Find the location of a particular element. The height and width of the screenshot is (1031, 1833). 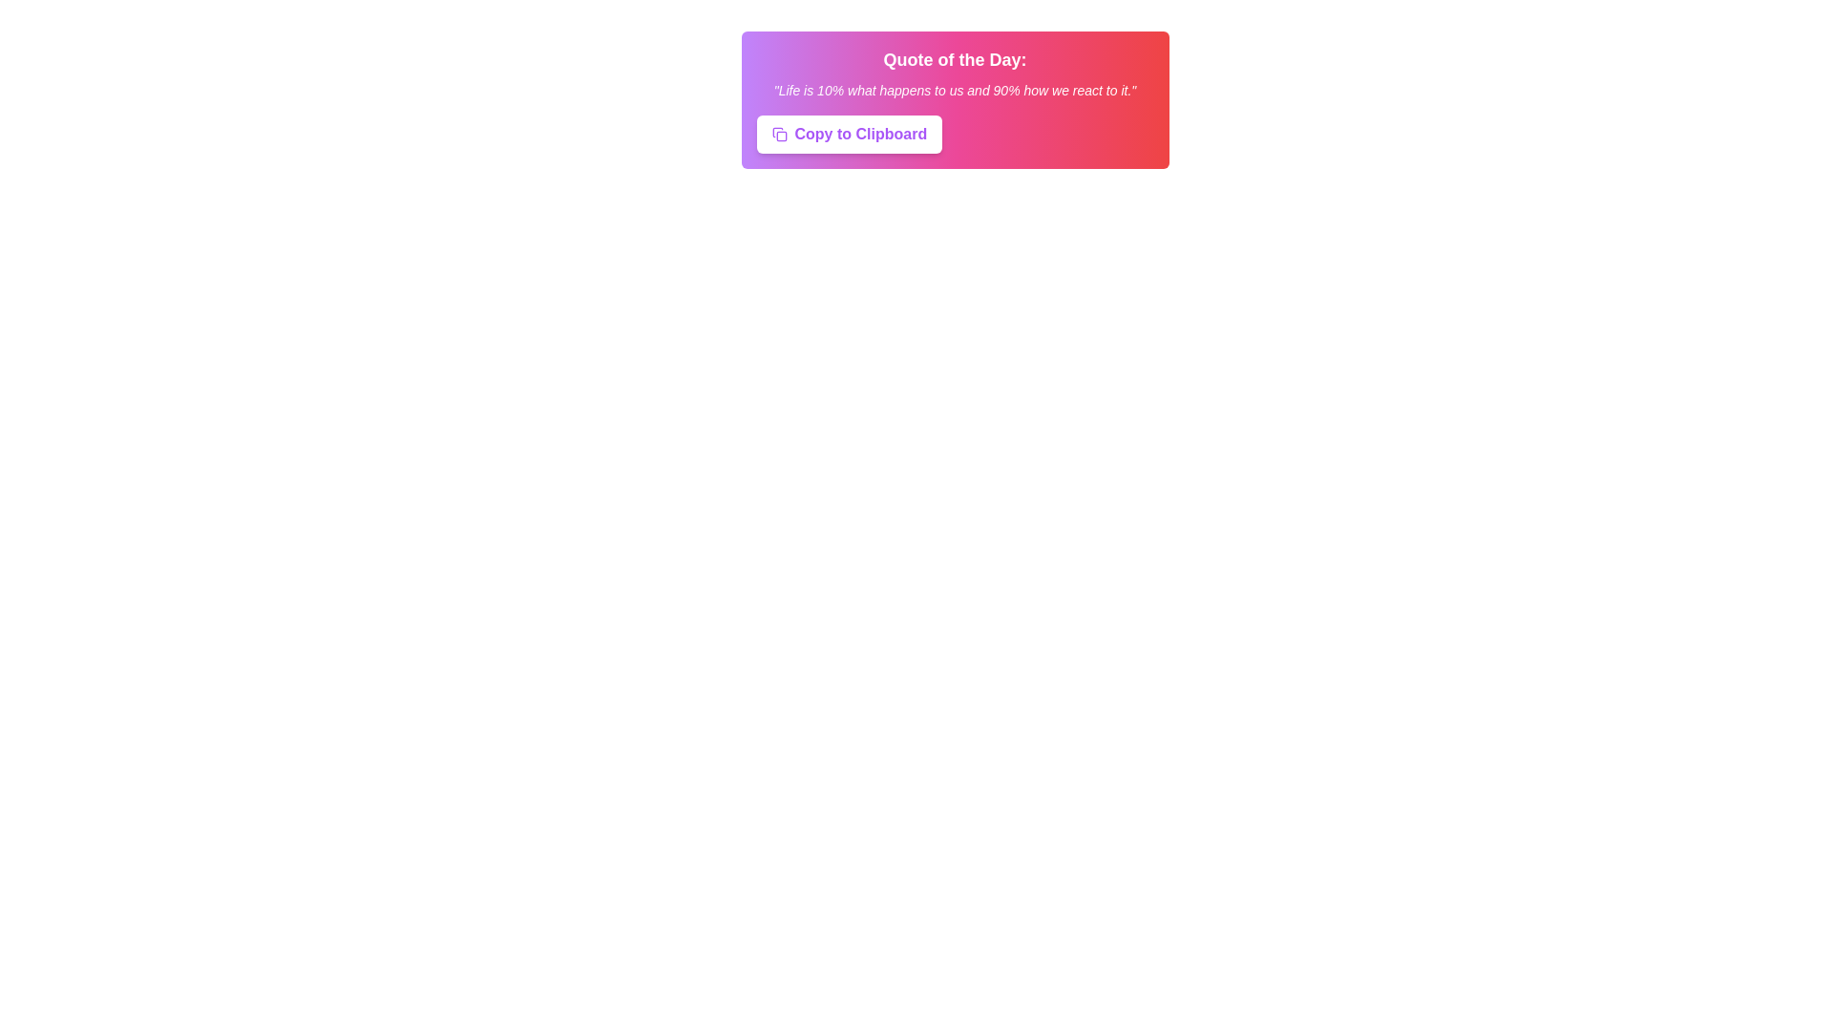

the Decorative SVG sub-element, which is a small rounded rectangle with dimensions 14x14 pixels, located immediately left of the 'Copy to Clipboard' button in the SVG icon is located at coordinates (781, 135).